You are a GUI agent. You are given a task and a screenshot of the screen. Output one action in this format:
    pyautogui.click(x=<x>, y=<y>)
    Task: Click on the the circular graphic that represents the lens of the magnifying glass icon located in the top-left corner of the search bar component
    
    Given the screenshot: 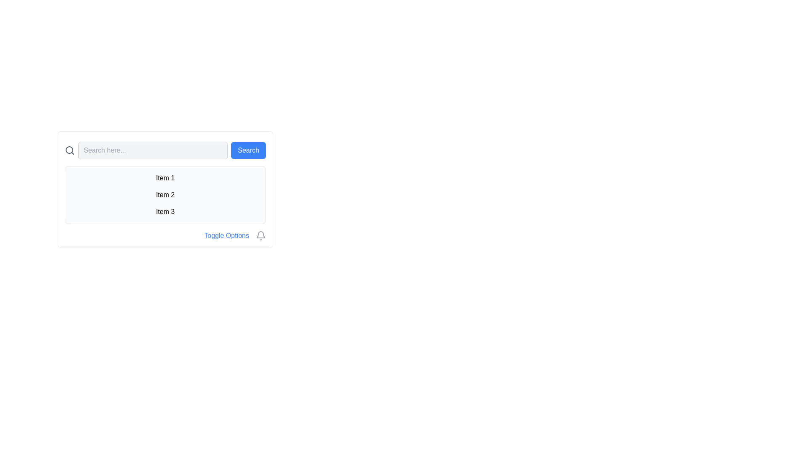 What is the action you would take?
    pyautogui.click(x=69, y=150)
    